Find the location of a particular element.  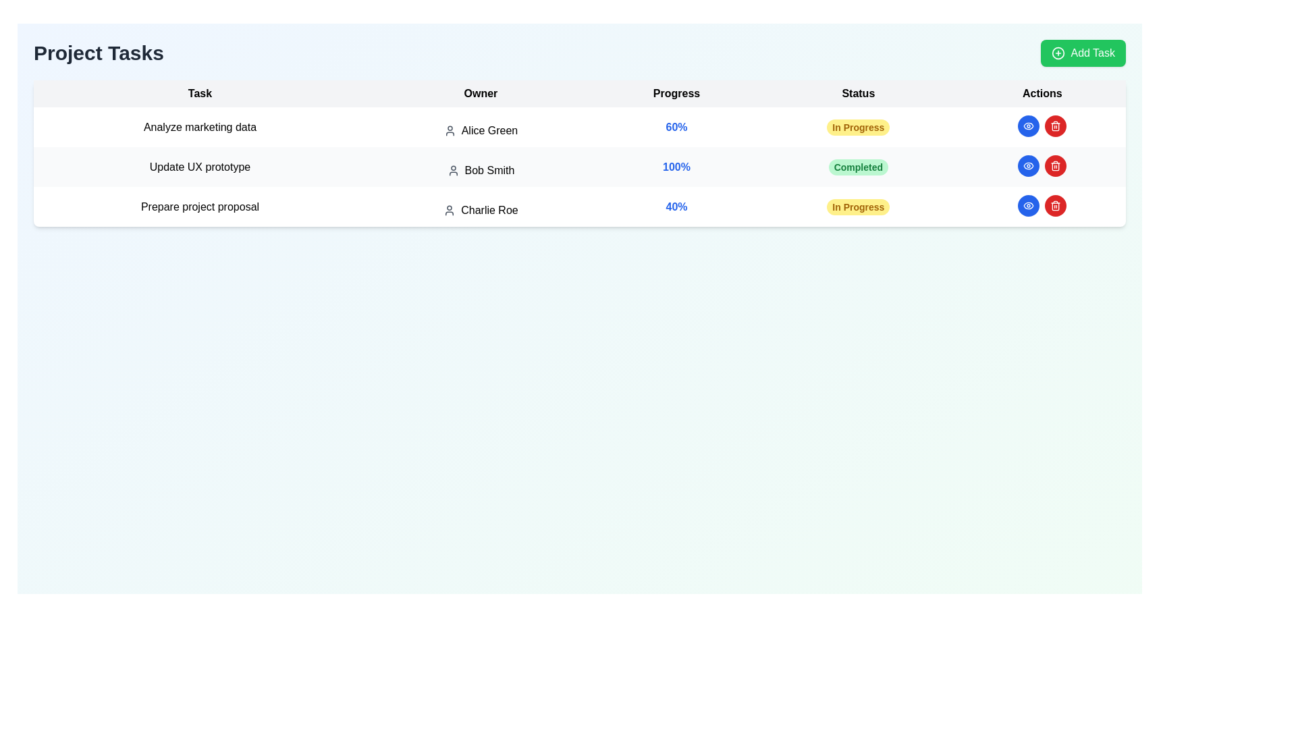

the delete button located in the 'Actions' column of the second row in the 'Project Tasks' table is located at coordinates (1055, 165).